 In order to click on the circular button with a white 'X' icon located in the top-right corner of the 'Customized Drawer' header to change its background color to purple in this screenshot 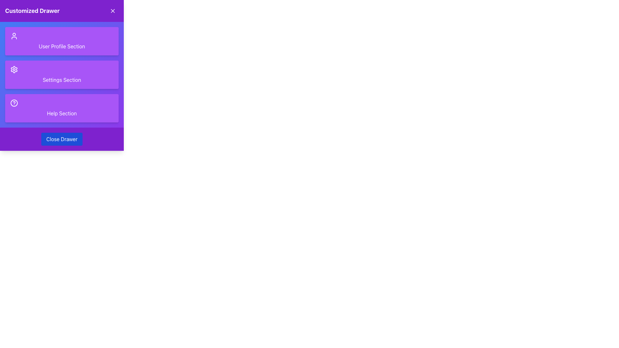, I will do `click(113, 11)`.